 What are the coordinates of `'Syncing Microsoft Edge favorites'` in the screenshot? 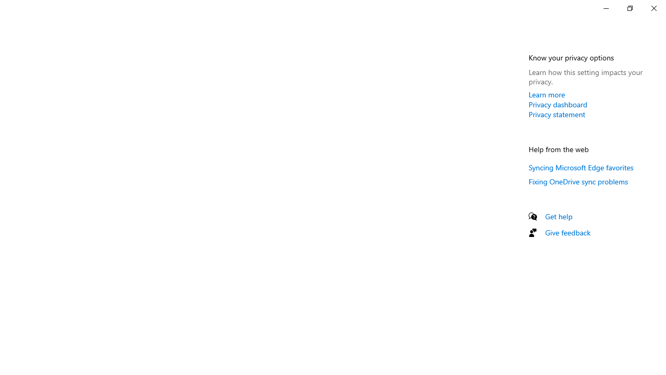 It's located at (581, 167).